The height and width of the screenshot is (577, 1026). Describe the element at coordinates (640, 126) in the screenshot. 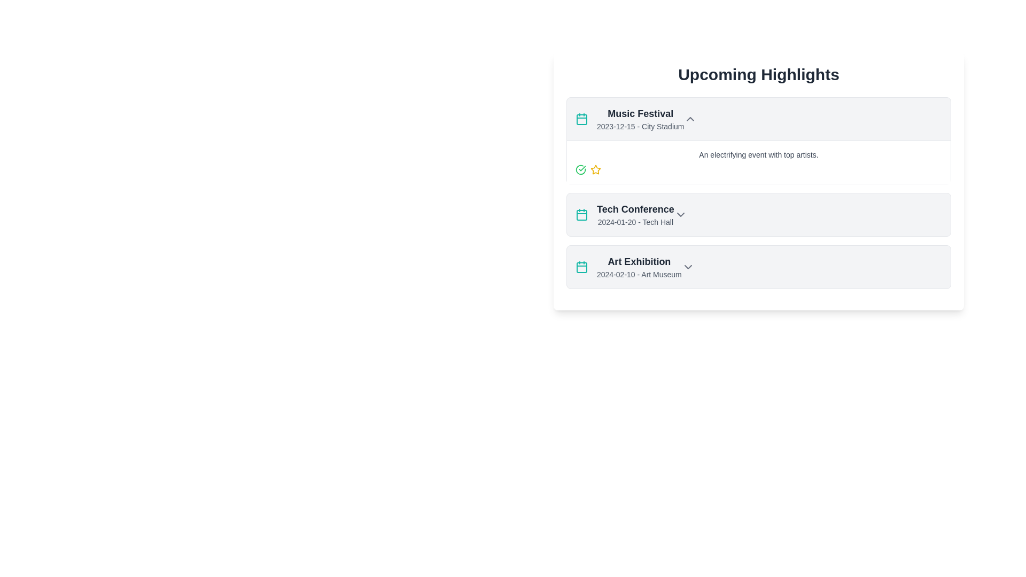

I see `the text element displaying '2023-12-15 - City Stadium', located centrally below the 'Music Festival' heading` at that location.